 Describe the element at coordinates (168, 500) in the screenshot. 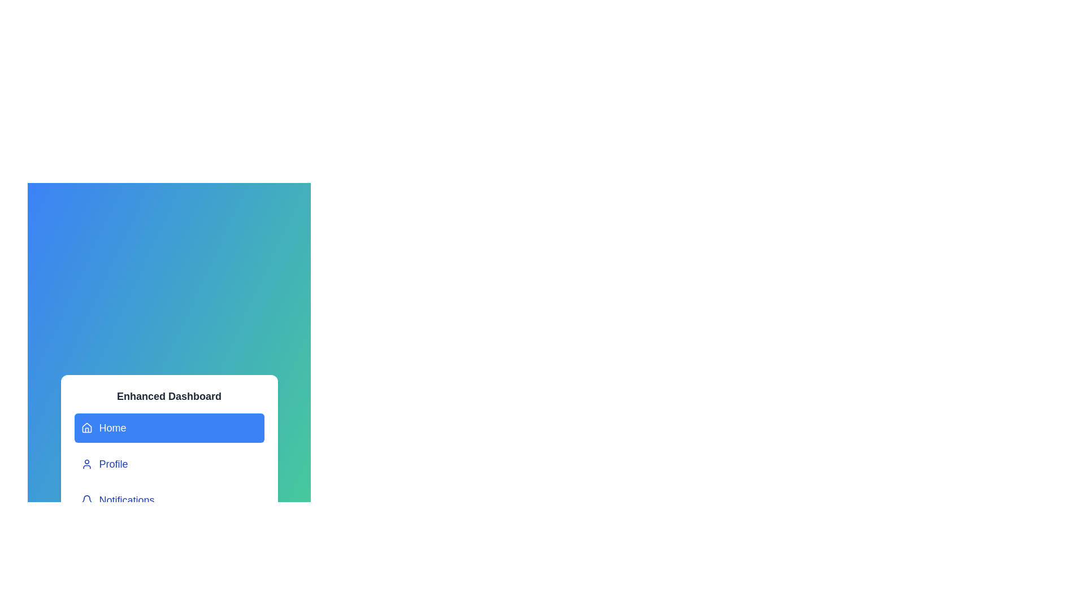

I see `the text labeled Notifications to read its content` at that location.